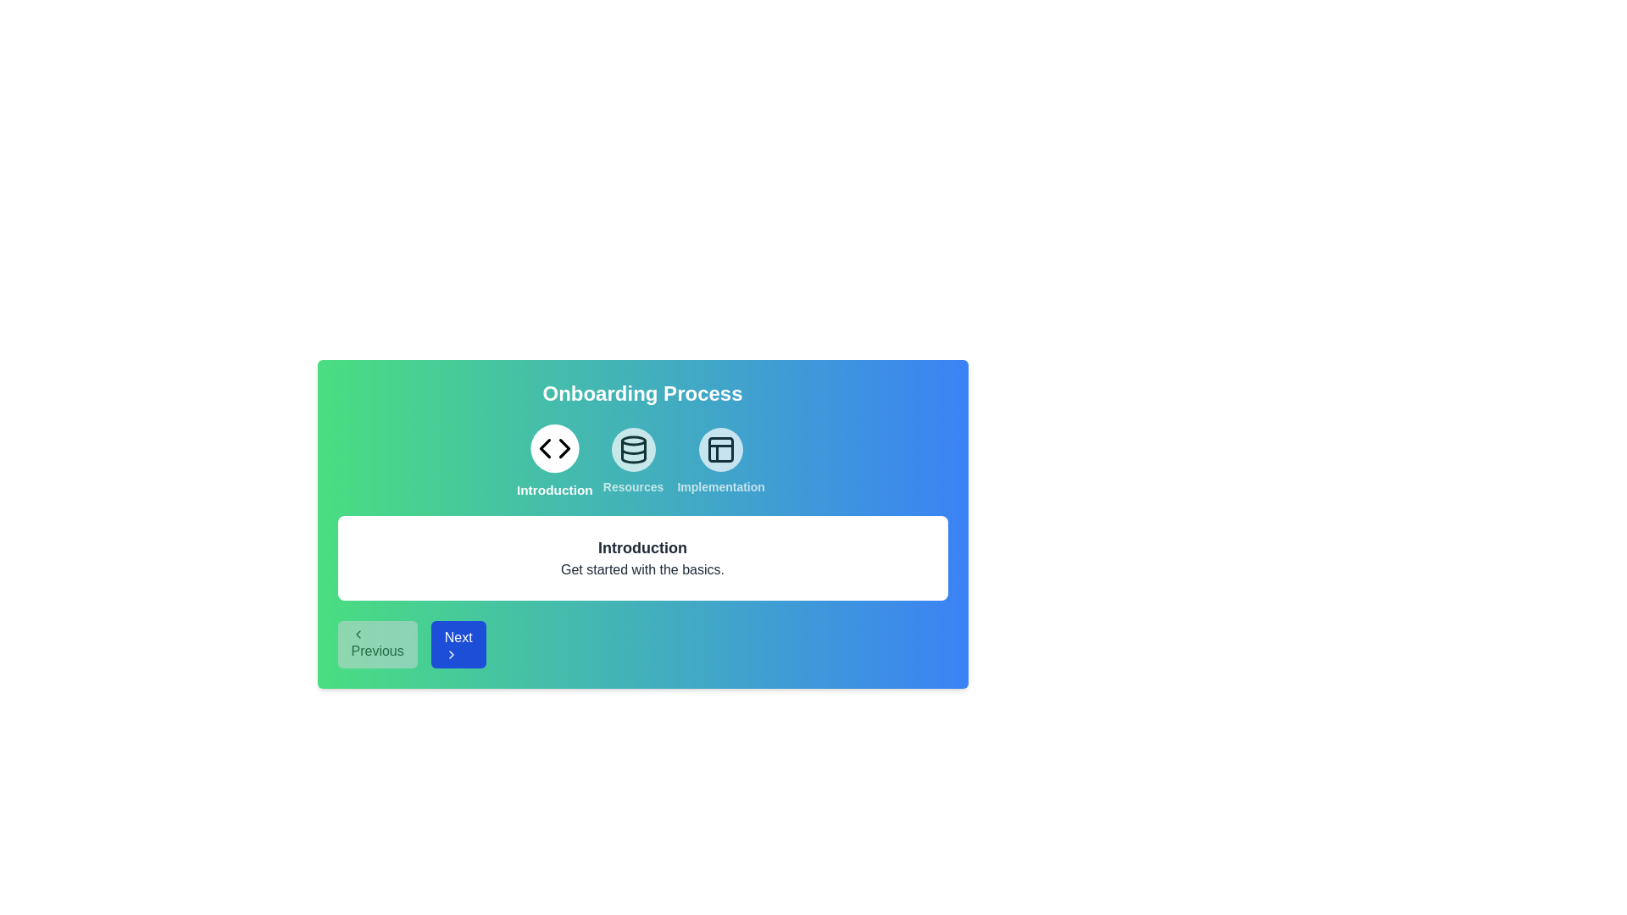 The width and height of the screenshot is (1627, 915). What do you see at coordinates (458, 644) in the screenshot?
I see `the Next button to navigate to the next step` at bounding box center [458, 644].